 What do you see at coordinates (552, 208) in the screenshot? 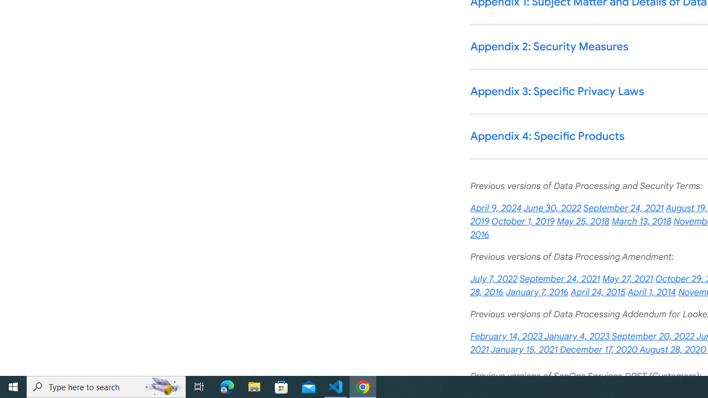
I see `'June 30, 2022'` at bounding box center [552, 208].